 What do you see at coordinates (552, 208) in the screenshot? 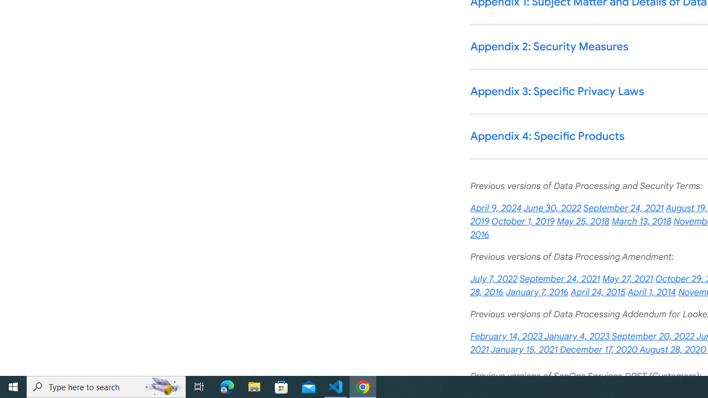
I see `'June 30, 2022'` at bounding box center [552, 208].